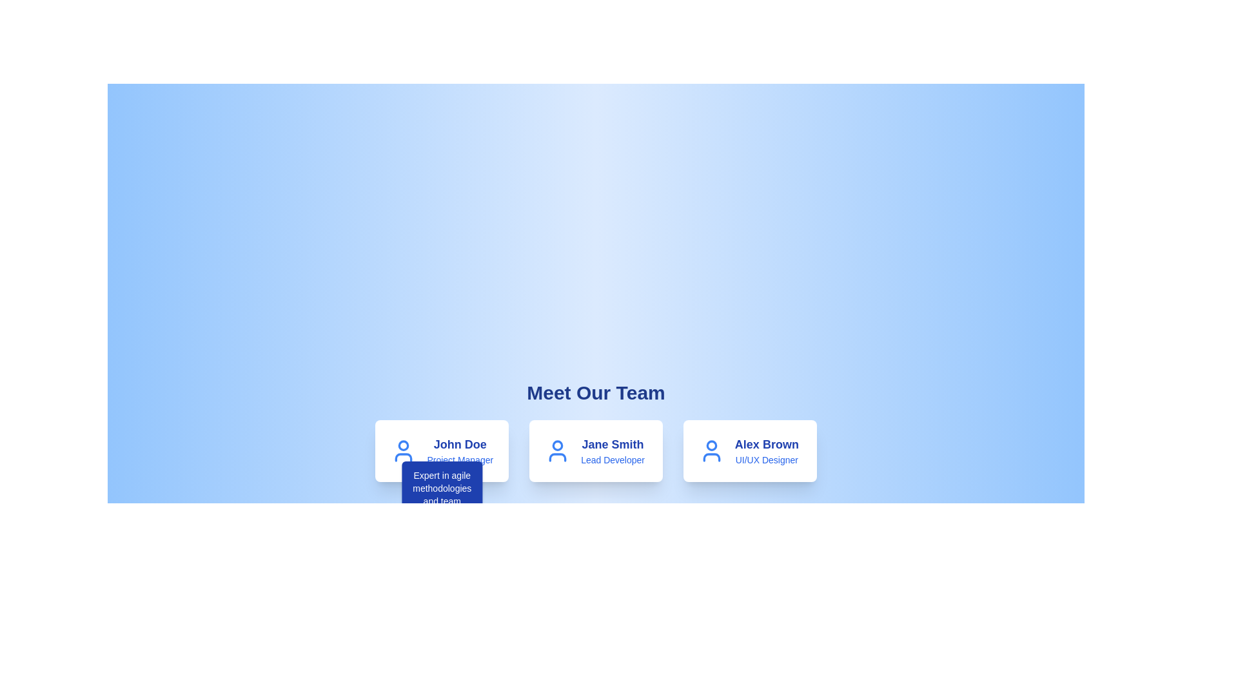  I want to click on the static descriptive text 'UI/UX Designer' located under the name 'Alex Brown' in the profile card on the right side of the 'Meet Our Team' section, so click(767, 459).